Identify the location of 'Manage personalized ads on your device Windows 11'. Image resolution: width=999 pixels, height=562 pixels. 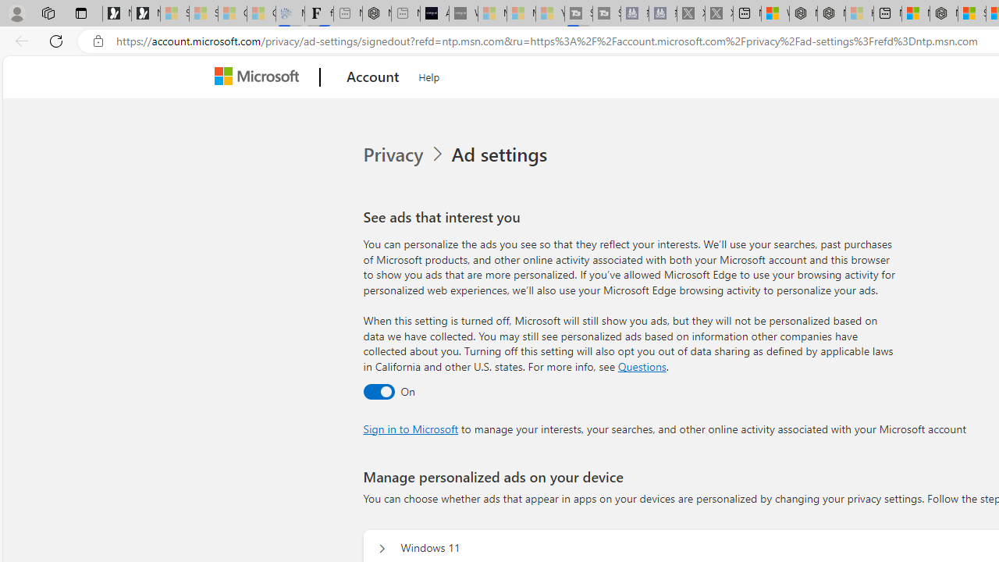
(382, 548).